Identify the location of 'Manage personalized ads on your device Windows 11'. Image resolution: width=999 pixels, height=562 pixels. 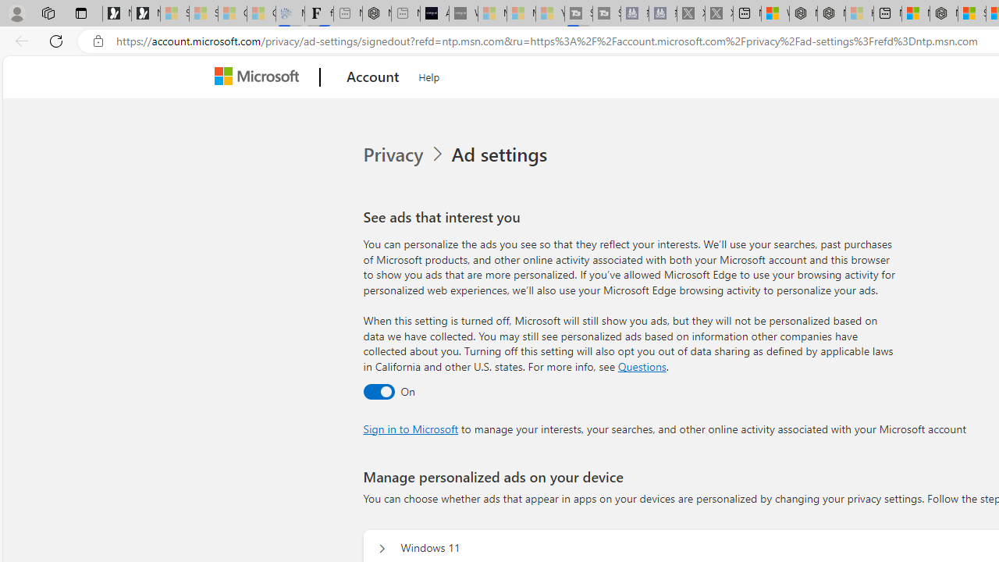
(382, 548).